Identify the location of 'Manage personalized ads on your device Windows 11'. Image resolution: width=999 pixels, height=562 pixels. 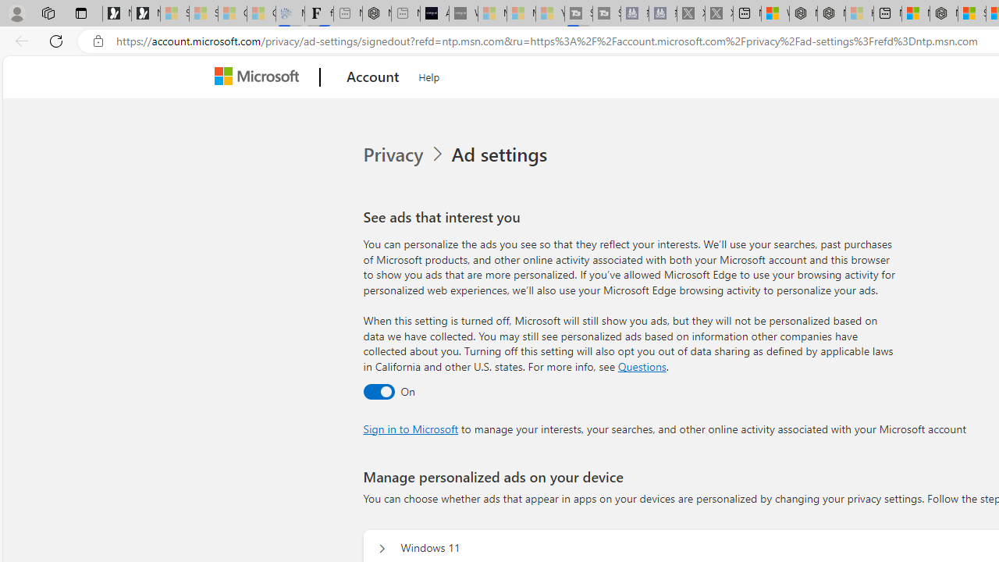
(382, 548).